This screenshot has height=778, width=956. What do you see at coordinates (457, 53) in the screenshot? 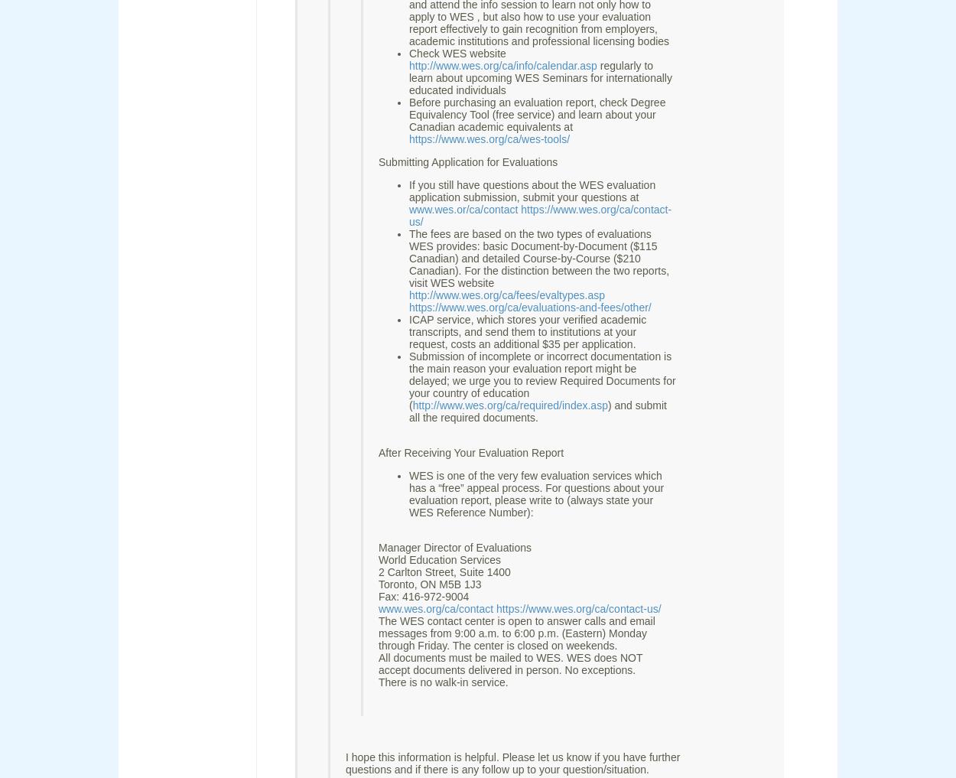
I see `'Check WES website'` at bounding box center [457, 53].